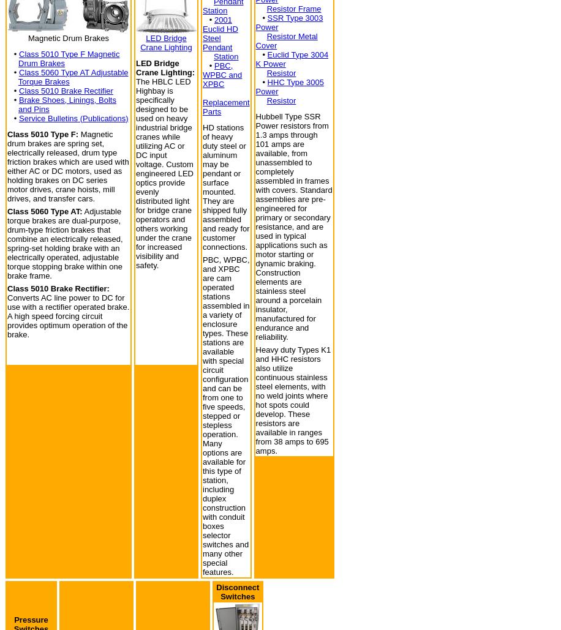  What do you see at coordinates (73, 118) in the screenshot?
I see `'Service Bulletins (Publications)'` at bounding box center [73, 118].